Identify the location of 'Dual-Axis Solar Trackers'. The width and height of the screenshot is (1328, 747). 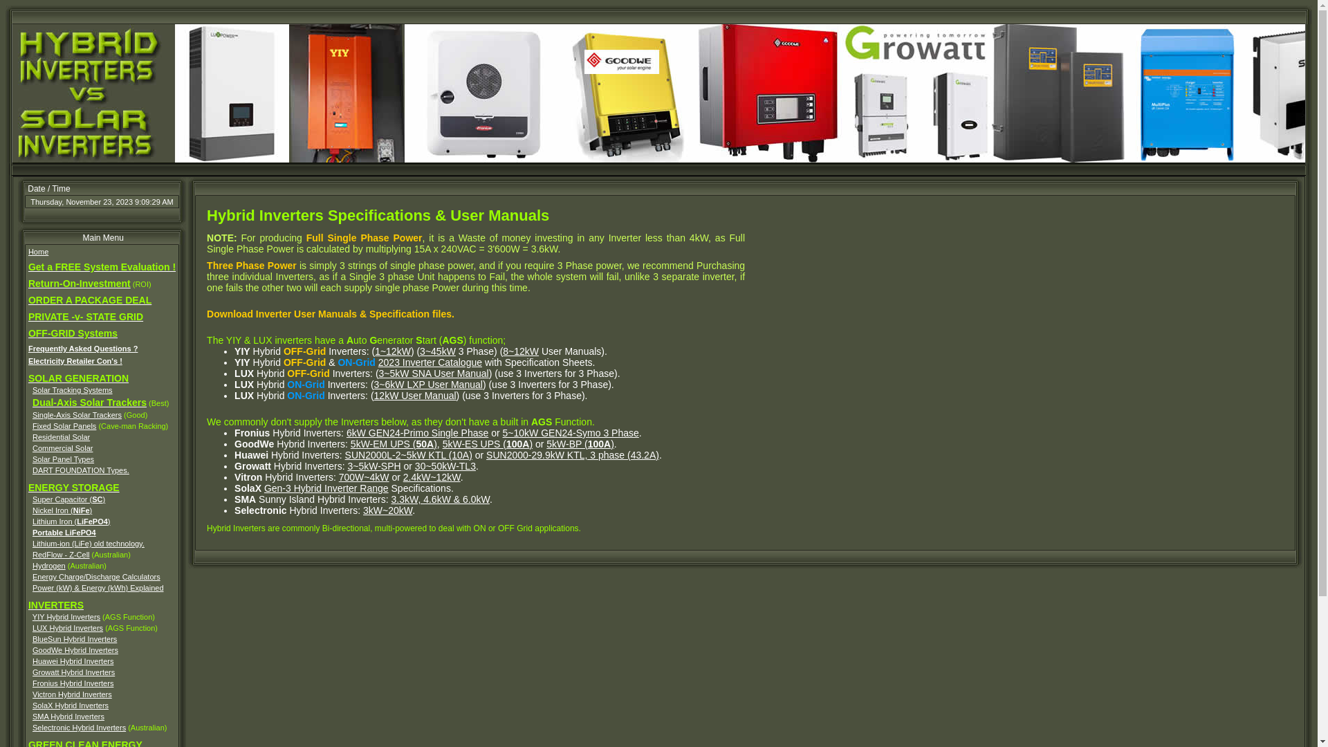
(89, 403).